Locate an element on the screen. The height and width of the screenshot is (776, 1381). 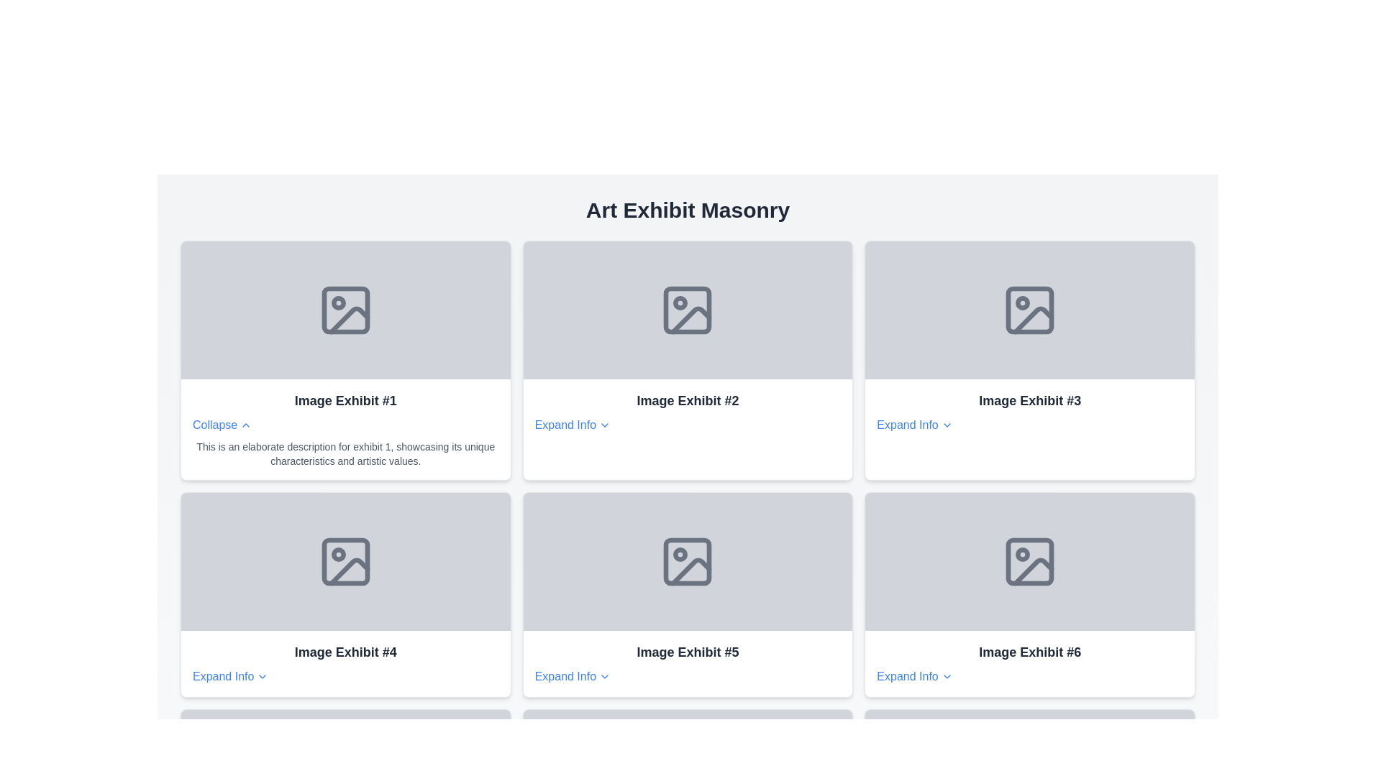
the graphical rectangle with rounded corners that is part of the central image icon in 'Image Exhibit #1', positioned in the top-left of the grid layout is located at coordinates (345, 310).